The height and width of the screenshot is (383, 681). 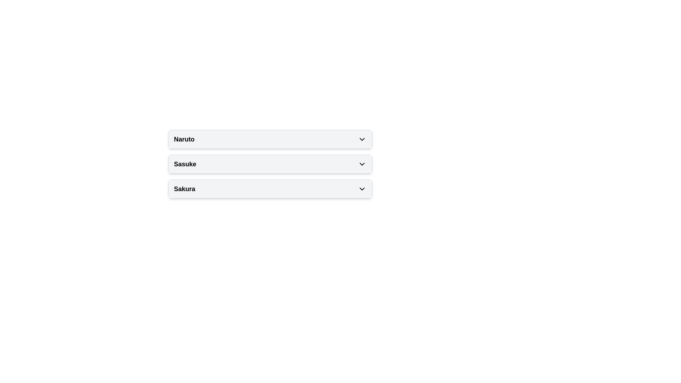 I want to click on the dropdown item labeled 'Sasuke', so click(x=270, y=164).